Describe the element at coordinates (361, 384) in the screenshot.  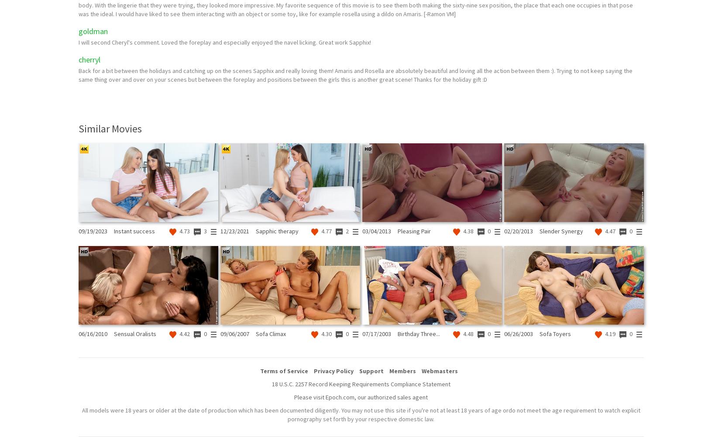
I see `'18 U.S.C. 2257 Record Keeping Requirements Compliance Statement'` at that location.